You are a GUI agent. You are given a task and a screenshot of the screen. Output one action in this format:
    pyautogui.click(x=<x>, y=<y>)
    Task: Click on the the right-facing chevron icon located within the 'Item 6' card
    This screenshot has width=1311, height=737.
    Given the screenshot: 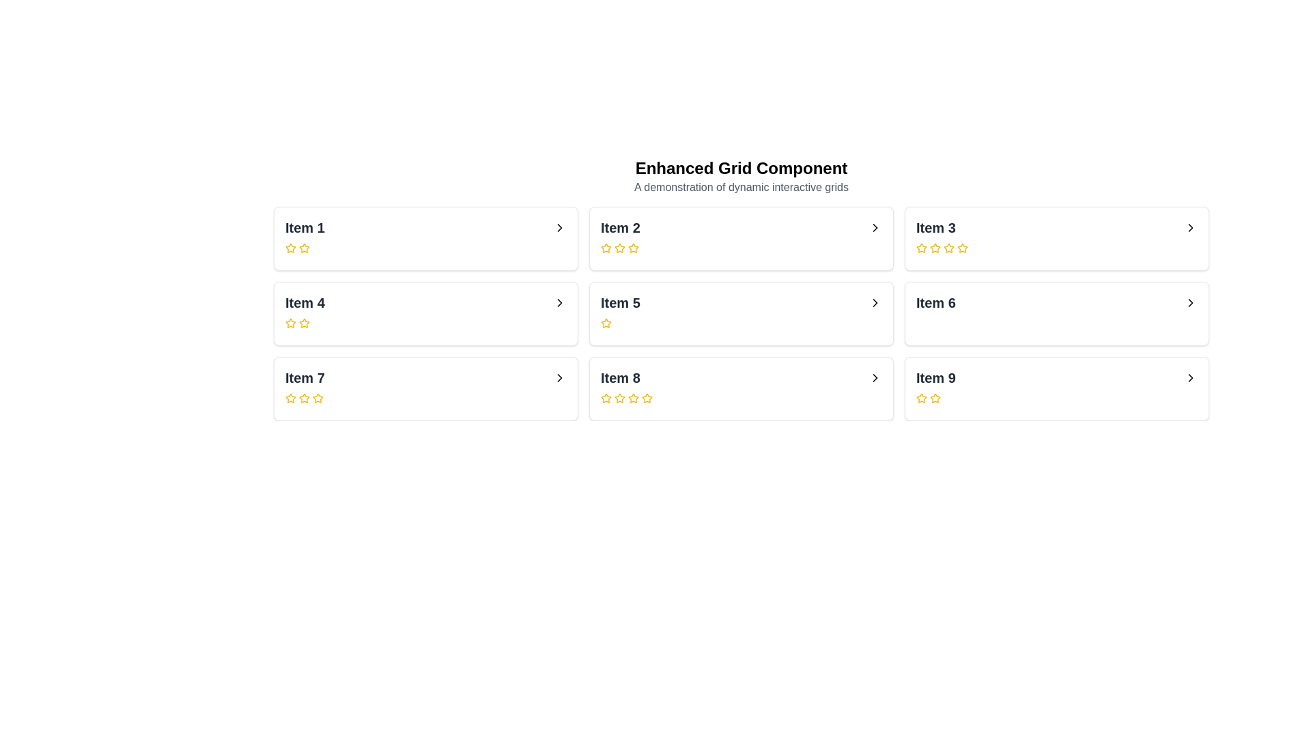 What is the action you would take?
    pyautogui.click(x=1189, y=302)
    